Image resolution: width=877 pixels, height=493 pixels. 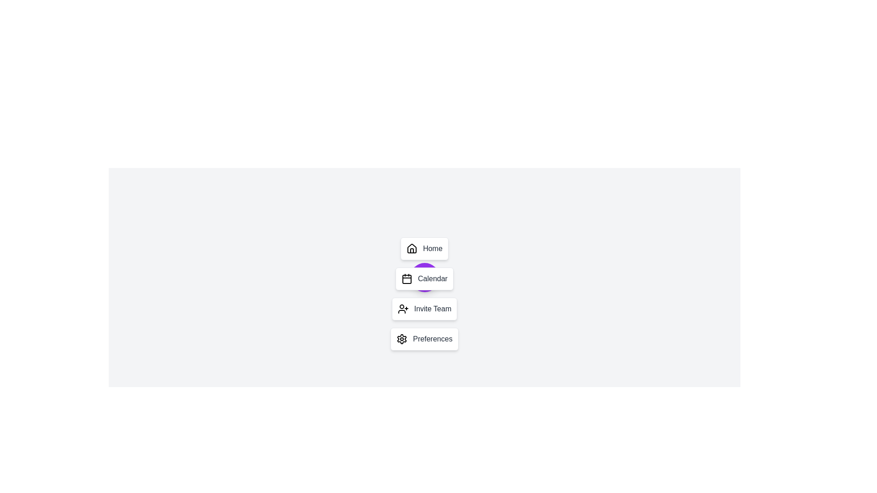 I want to click on the gear icon representing settings, located to the left of the 'Preferences' label within the 'Preferences' button, so click(x=402, y=339).